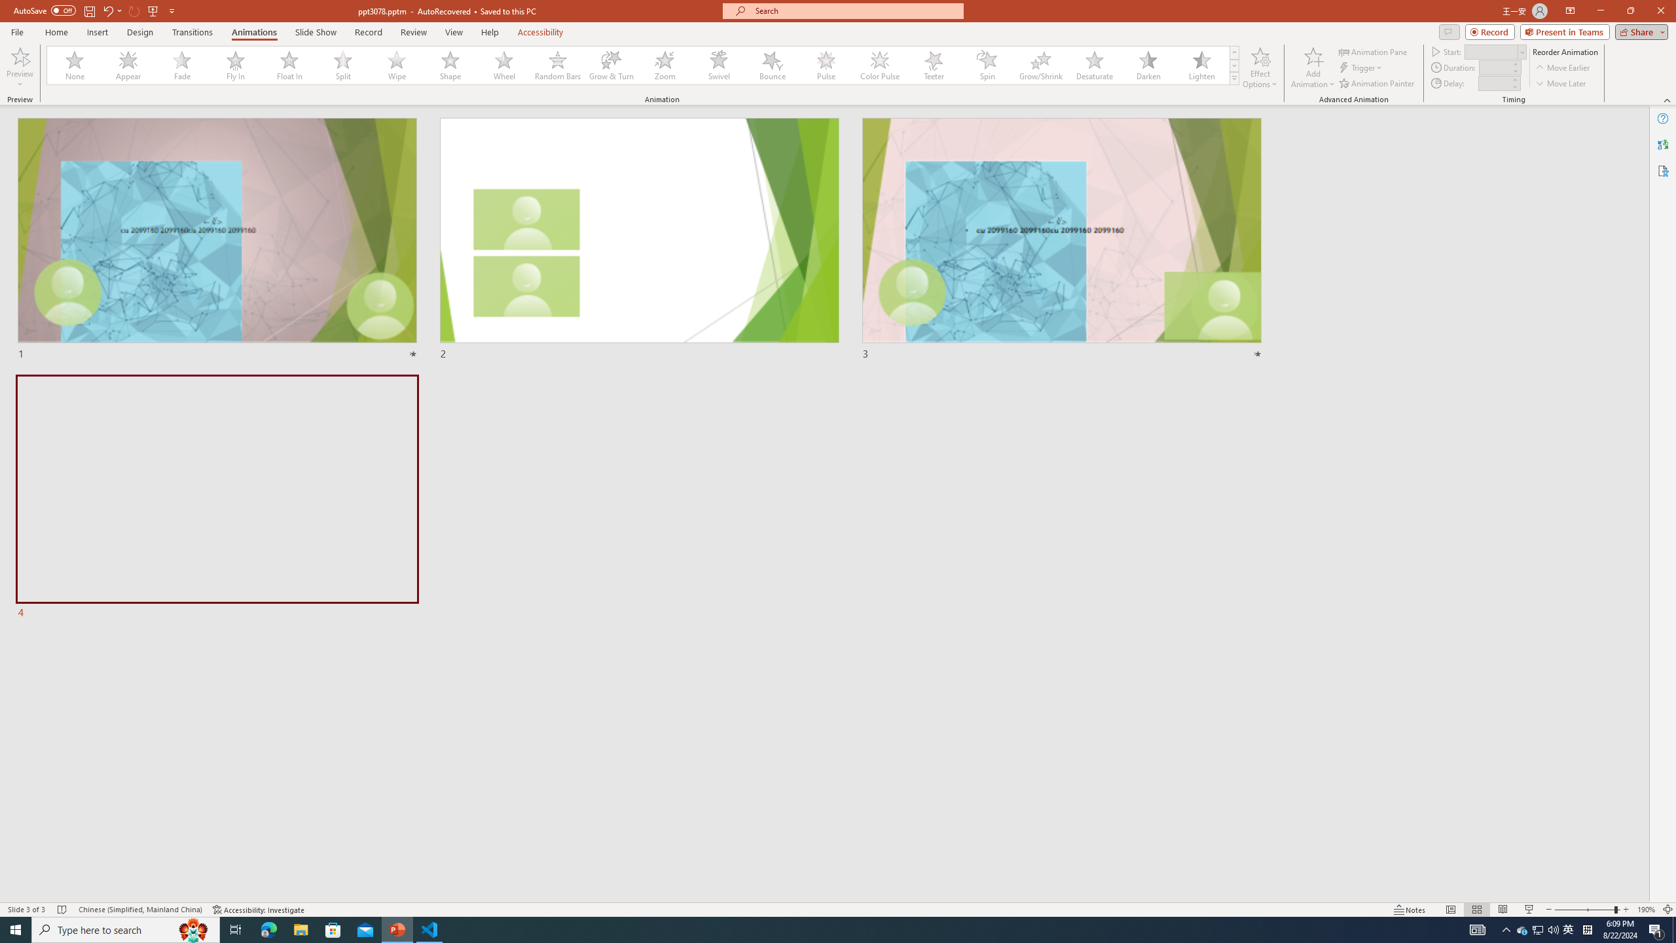  I want to click on 'Trigger', so click(1361, 67).